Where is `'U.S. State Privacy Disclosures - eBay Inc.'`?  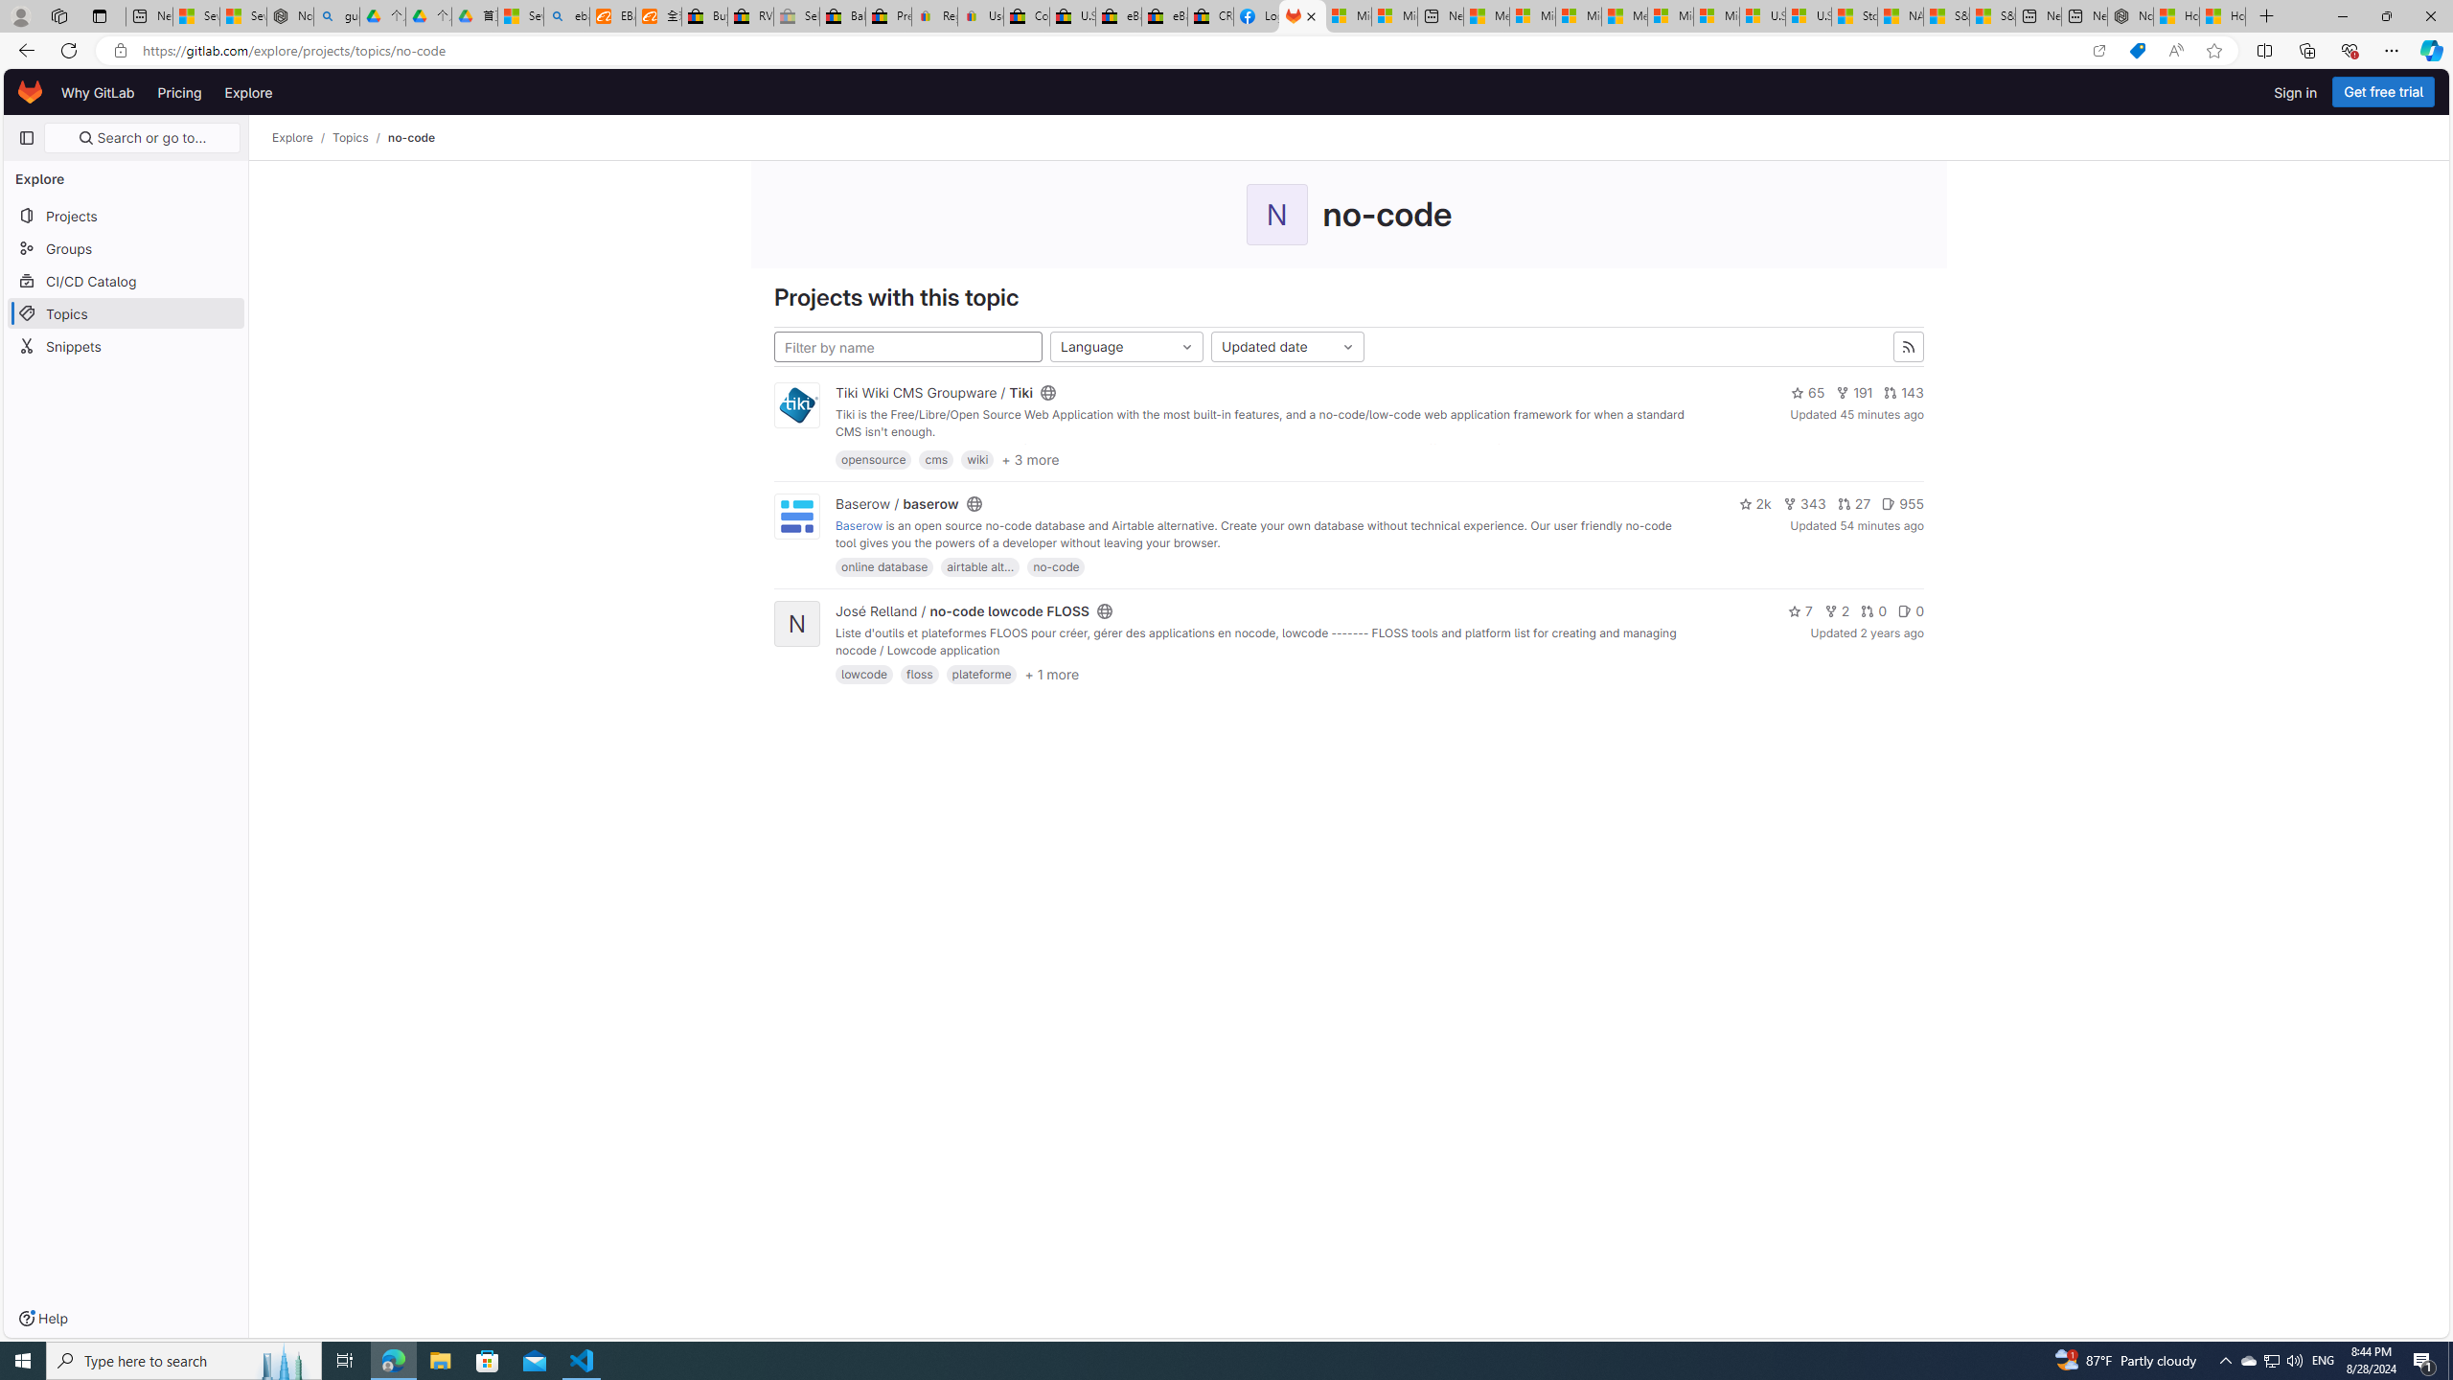 'U.S. State Privacy Disclosures - eBay Inc.' is located at coordinates (1073, 15).